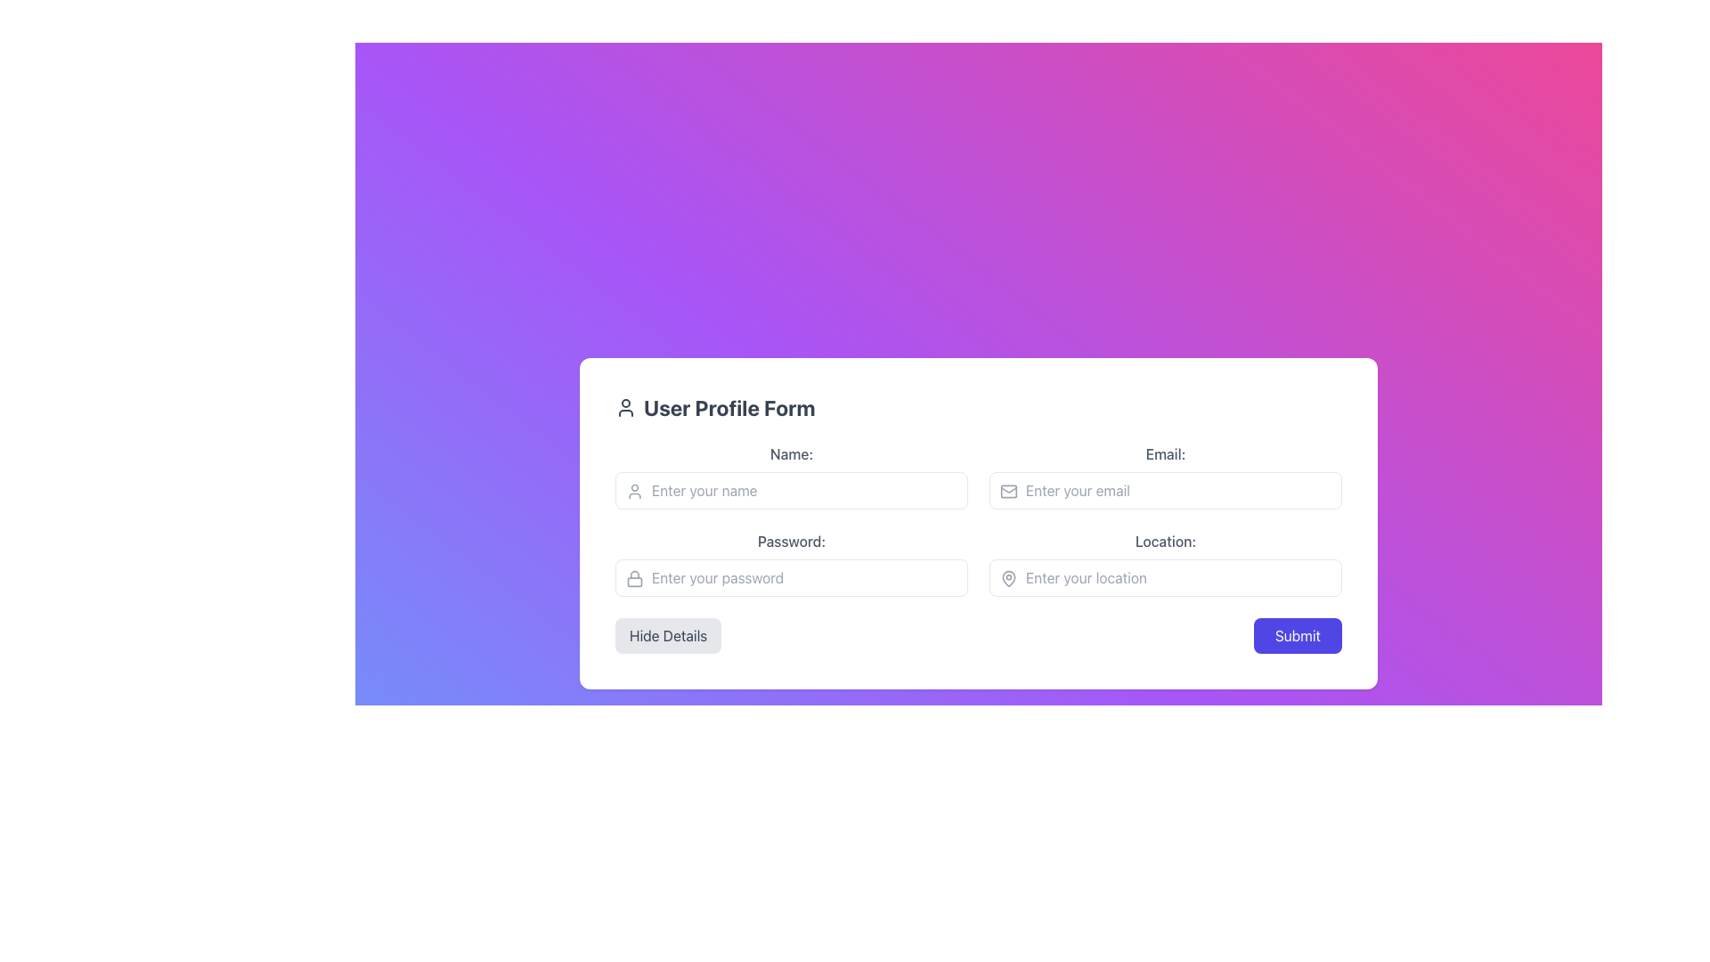  What do you see at coordinates (1166, 491) in the screenshot?
I see `the email input field located in the form section labeled 'Email:', positioned to the right of the 'Name:' field` at bounding box center [1166, 491].